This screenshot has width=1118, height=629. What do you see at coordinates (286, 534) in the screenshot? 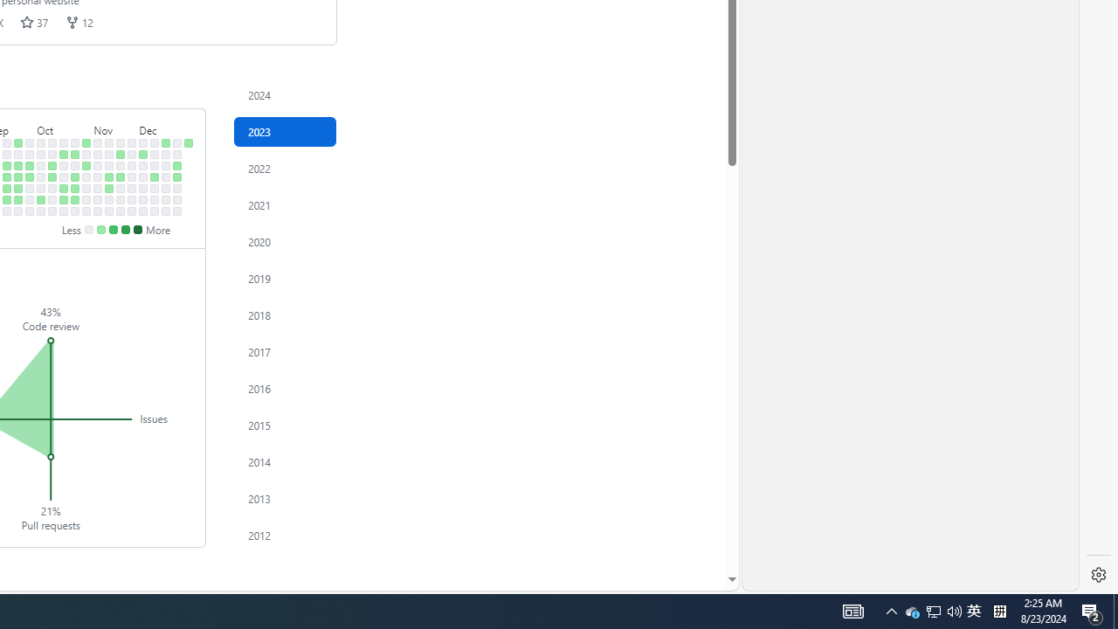
I see `'2012'` at bounding box center [286, 534].